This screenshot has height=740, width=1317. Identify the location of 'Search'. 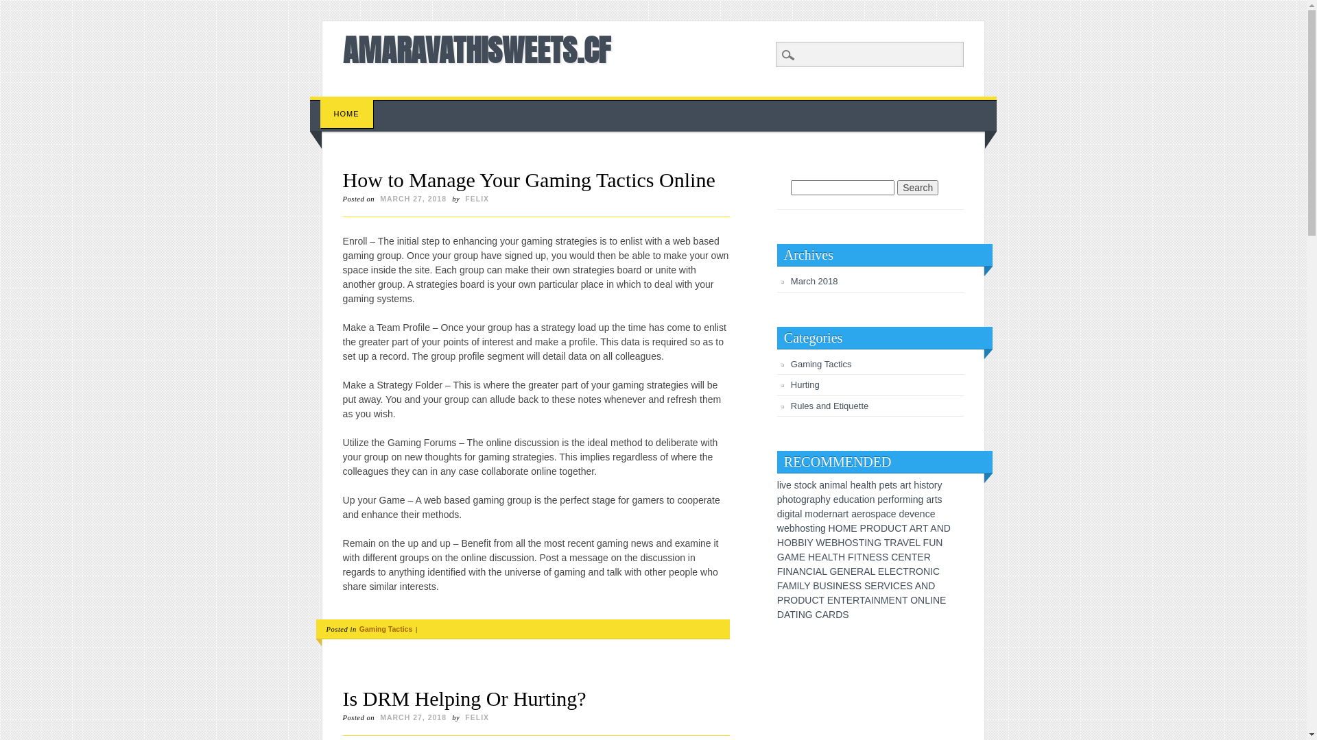
(0, 8).